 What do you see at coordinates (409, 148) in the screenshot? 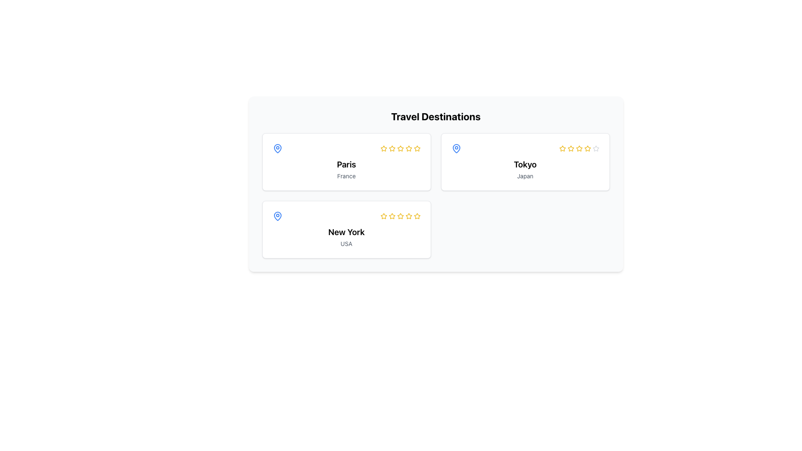
I see `the fifth star icon in the rating system for the 'Paris, France' card under the 'Travel Destinations' heading` at bounding box center [409, 148].